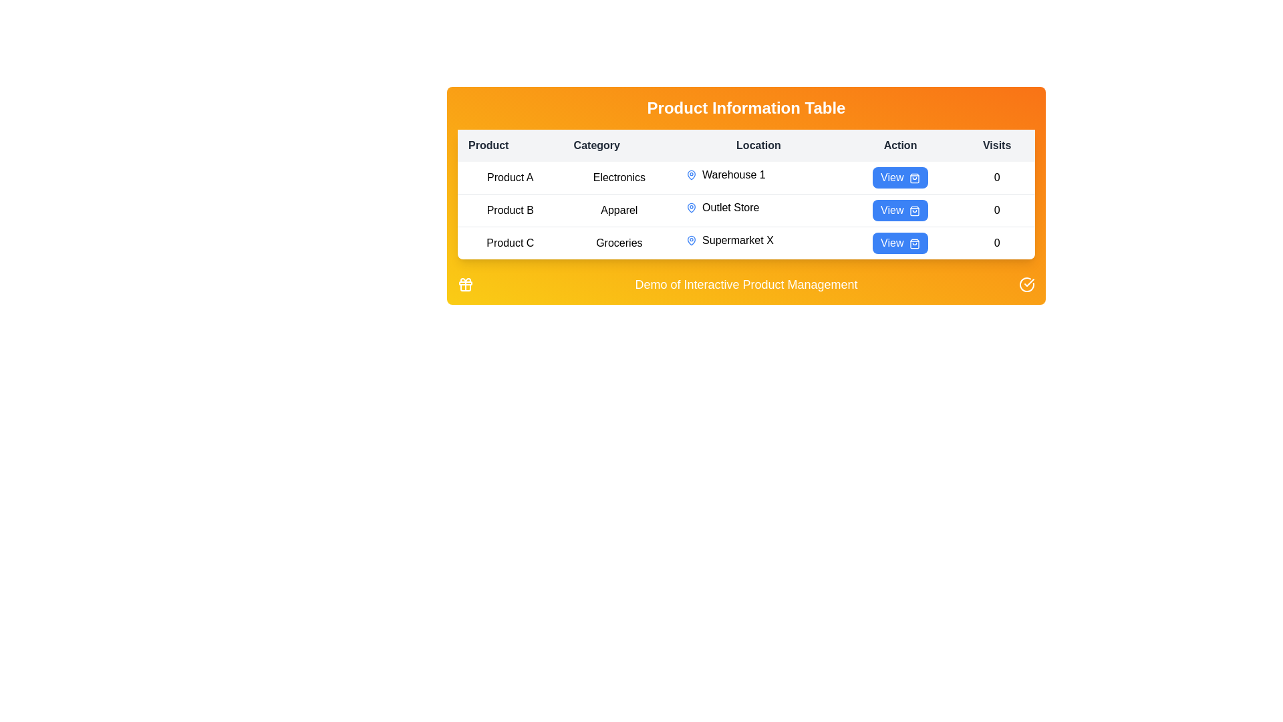 This screenshot has width=1283, height=722. Describe the element at coordinates (618, 211) in the screenshot. I see `the 'Apparel' text label located in the second row and second column of the table under the 'Category' header` at that location.